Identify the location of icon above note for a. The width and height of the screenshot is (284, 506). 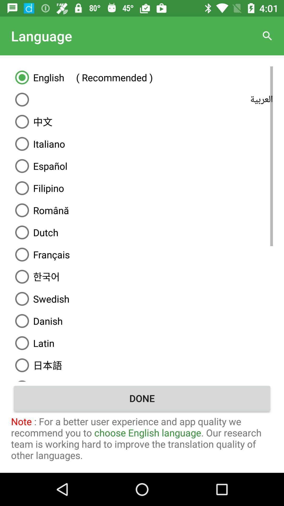
(142, 398).